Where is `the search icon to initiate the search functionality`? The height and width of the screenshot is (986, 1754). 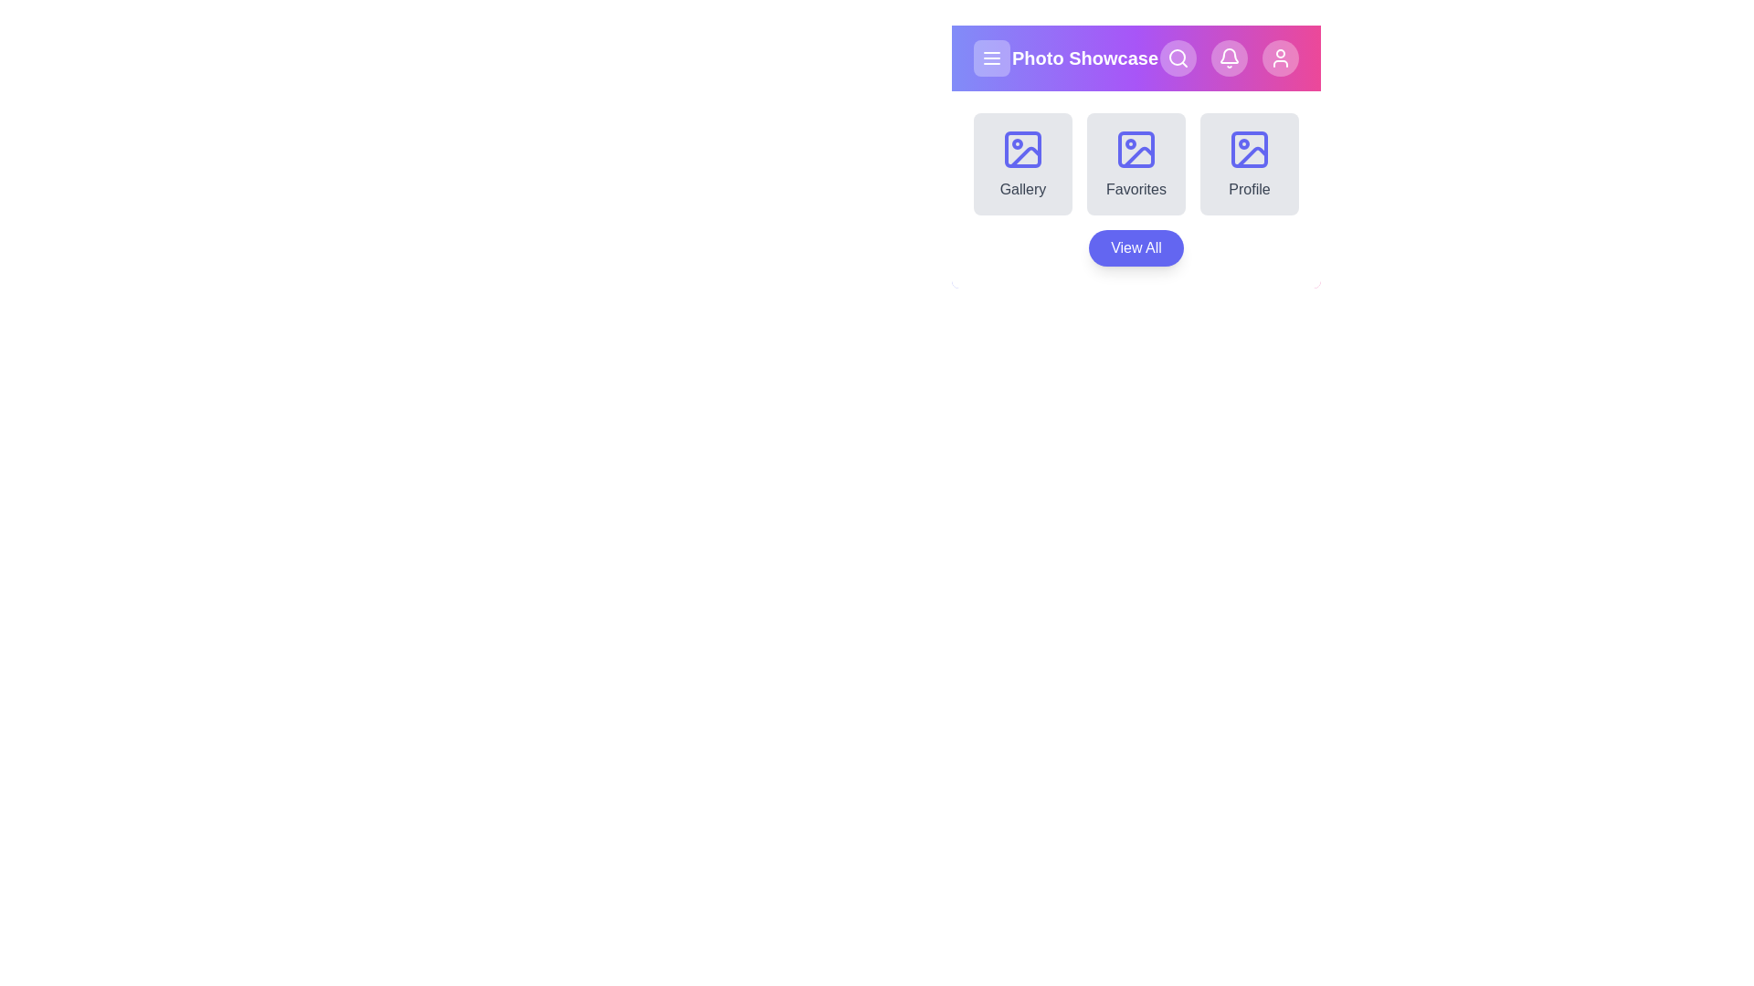
the search icon to initiate the search functionality is located at coordinates (1178, 58).